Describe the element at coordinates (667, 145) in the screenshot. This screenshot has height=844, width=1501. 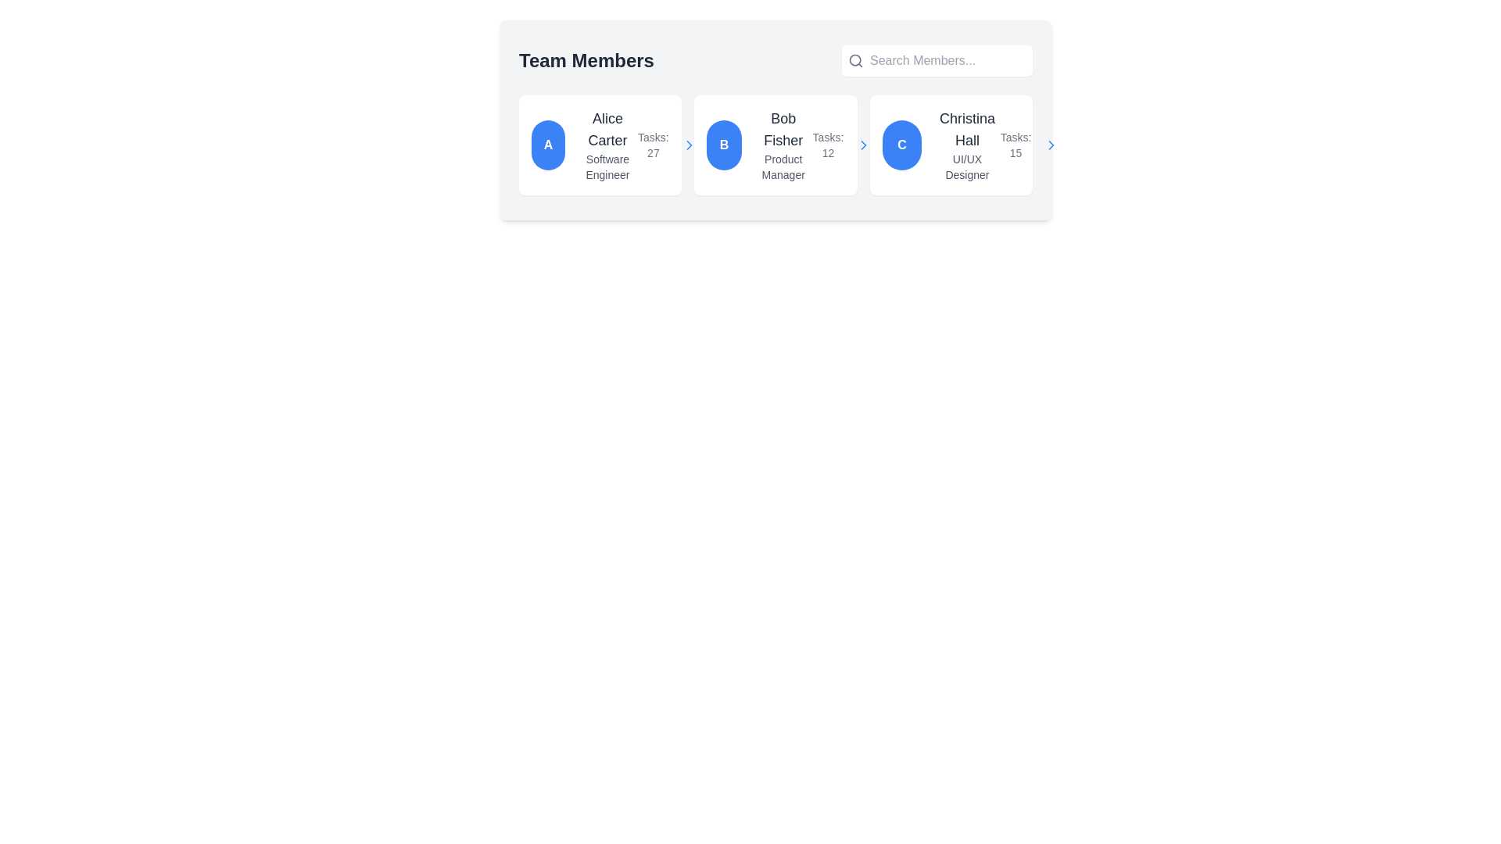
I see `the task number '27' displayed in the user card for 'Alice Carter'` at that location.